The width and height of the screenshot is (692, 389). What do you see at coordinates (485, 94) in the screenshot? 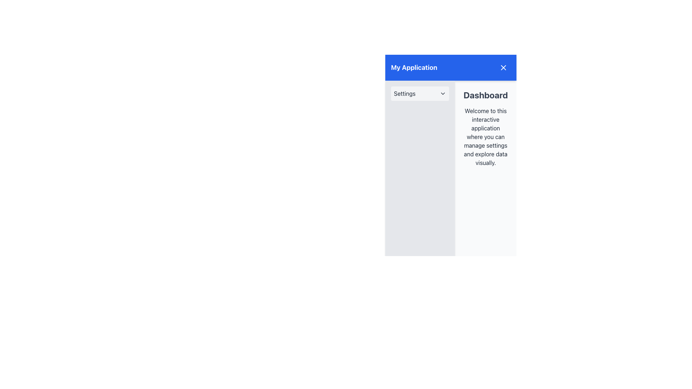
I see `text from the prominent 'Dashboard' text label located in the upper region of the right section of the interface` at bounding box center [485, 94].